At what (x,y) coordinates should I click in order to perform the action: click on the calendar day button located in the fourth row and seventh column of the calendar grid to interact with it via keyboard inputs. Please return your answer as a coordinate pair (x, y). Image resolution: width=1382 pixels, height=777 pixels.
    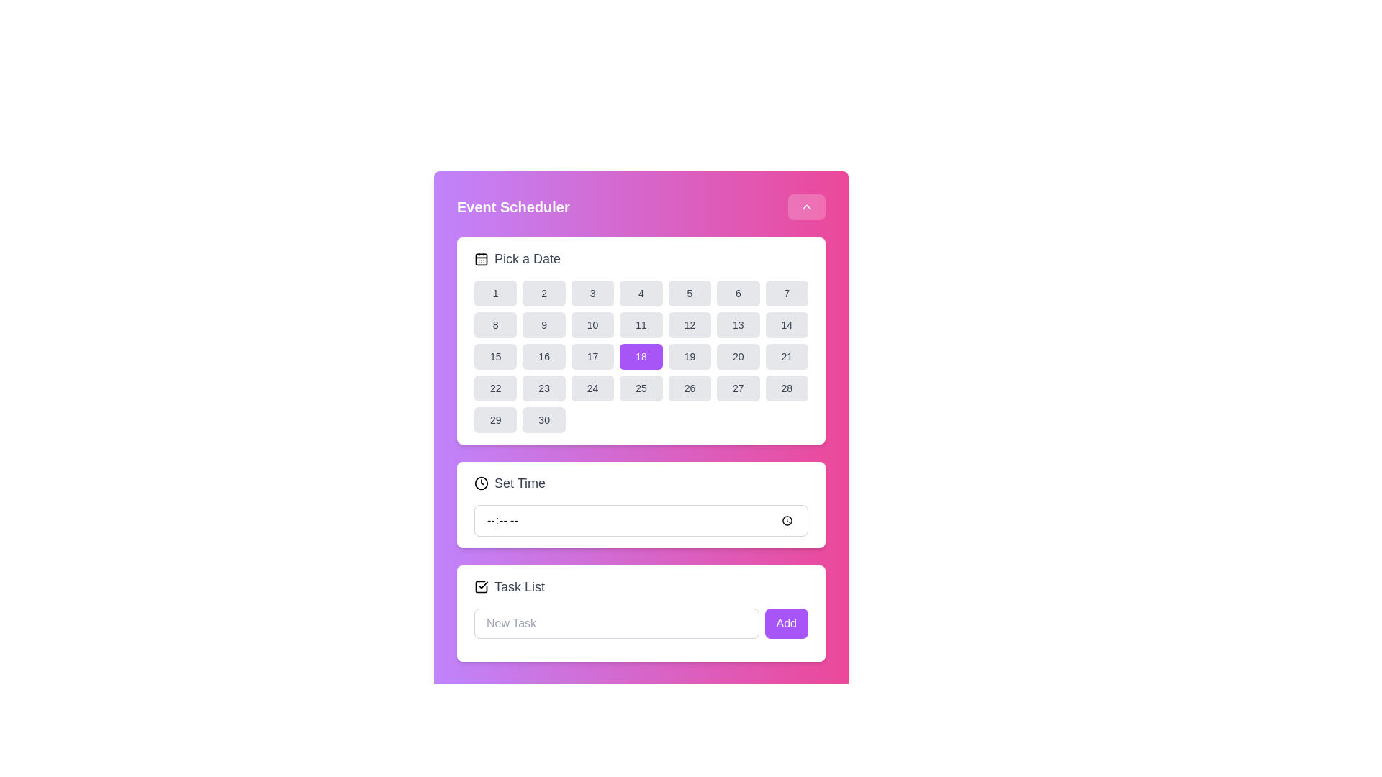
    Looking at the image, I should click on (786, 324).